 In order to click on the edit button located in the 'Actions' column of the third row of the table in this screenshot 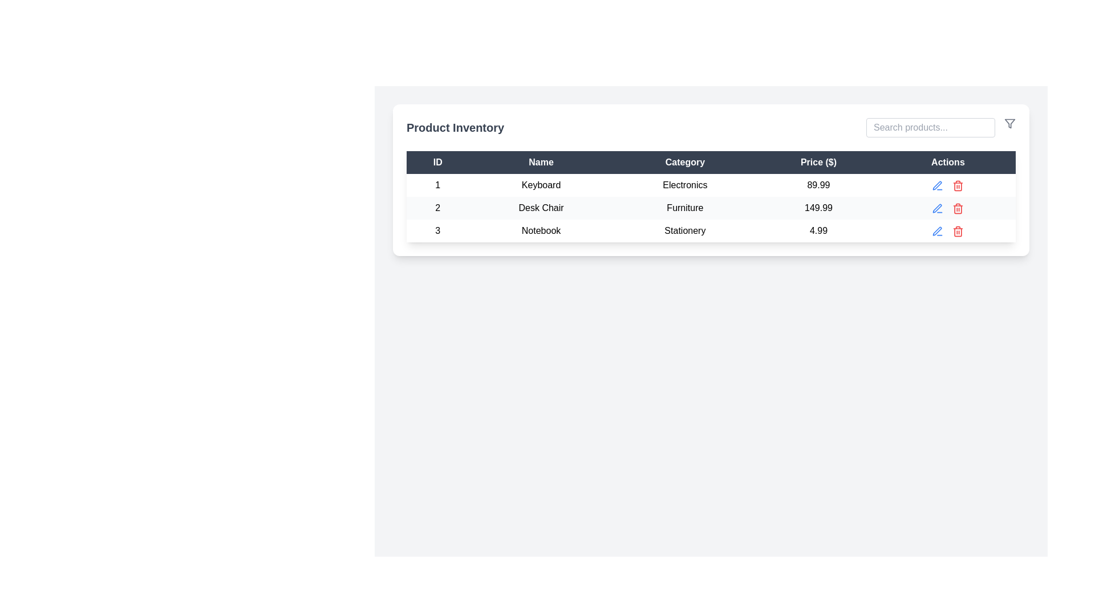, I will do `click(938, 231)`.